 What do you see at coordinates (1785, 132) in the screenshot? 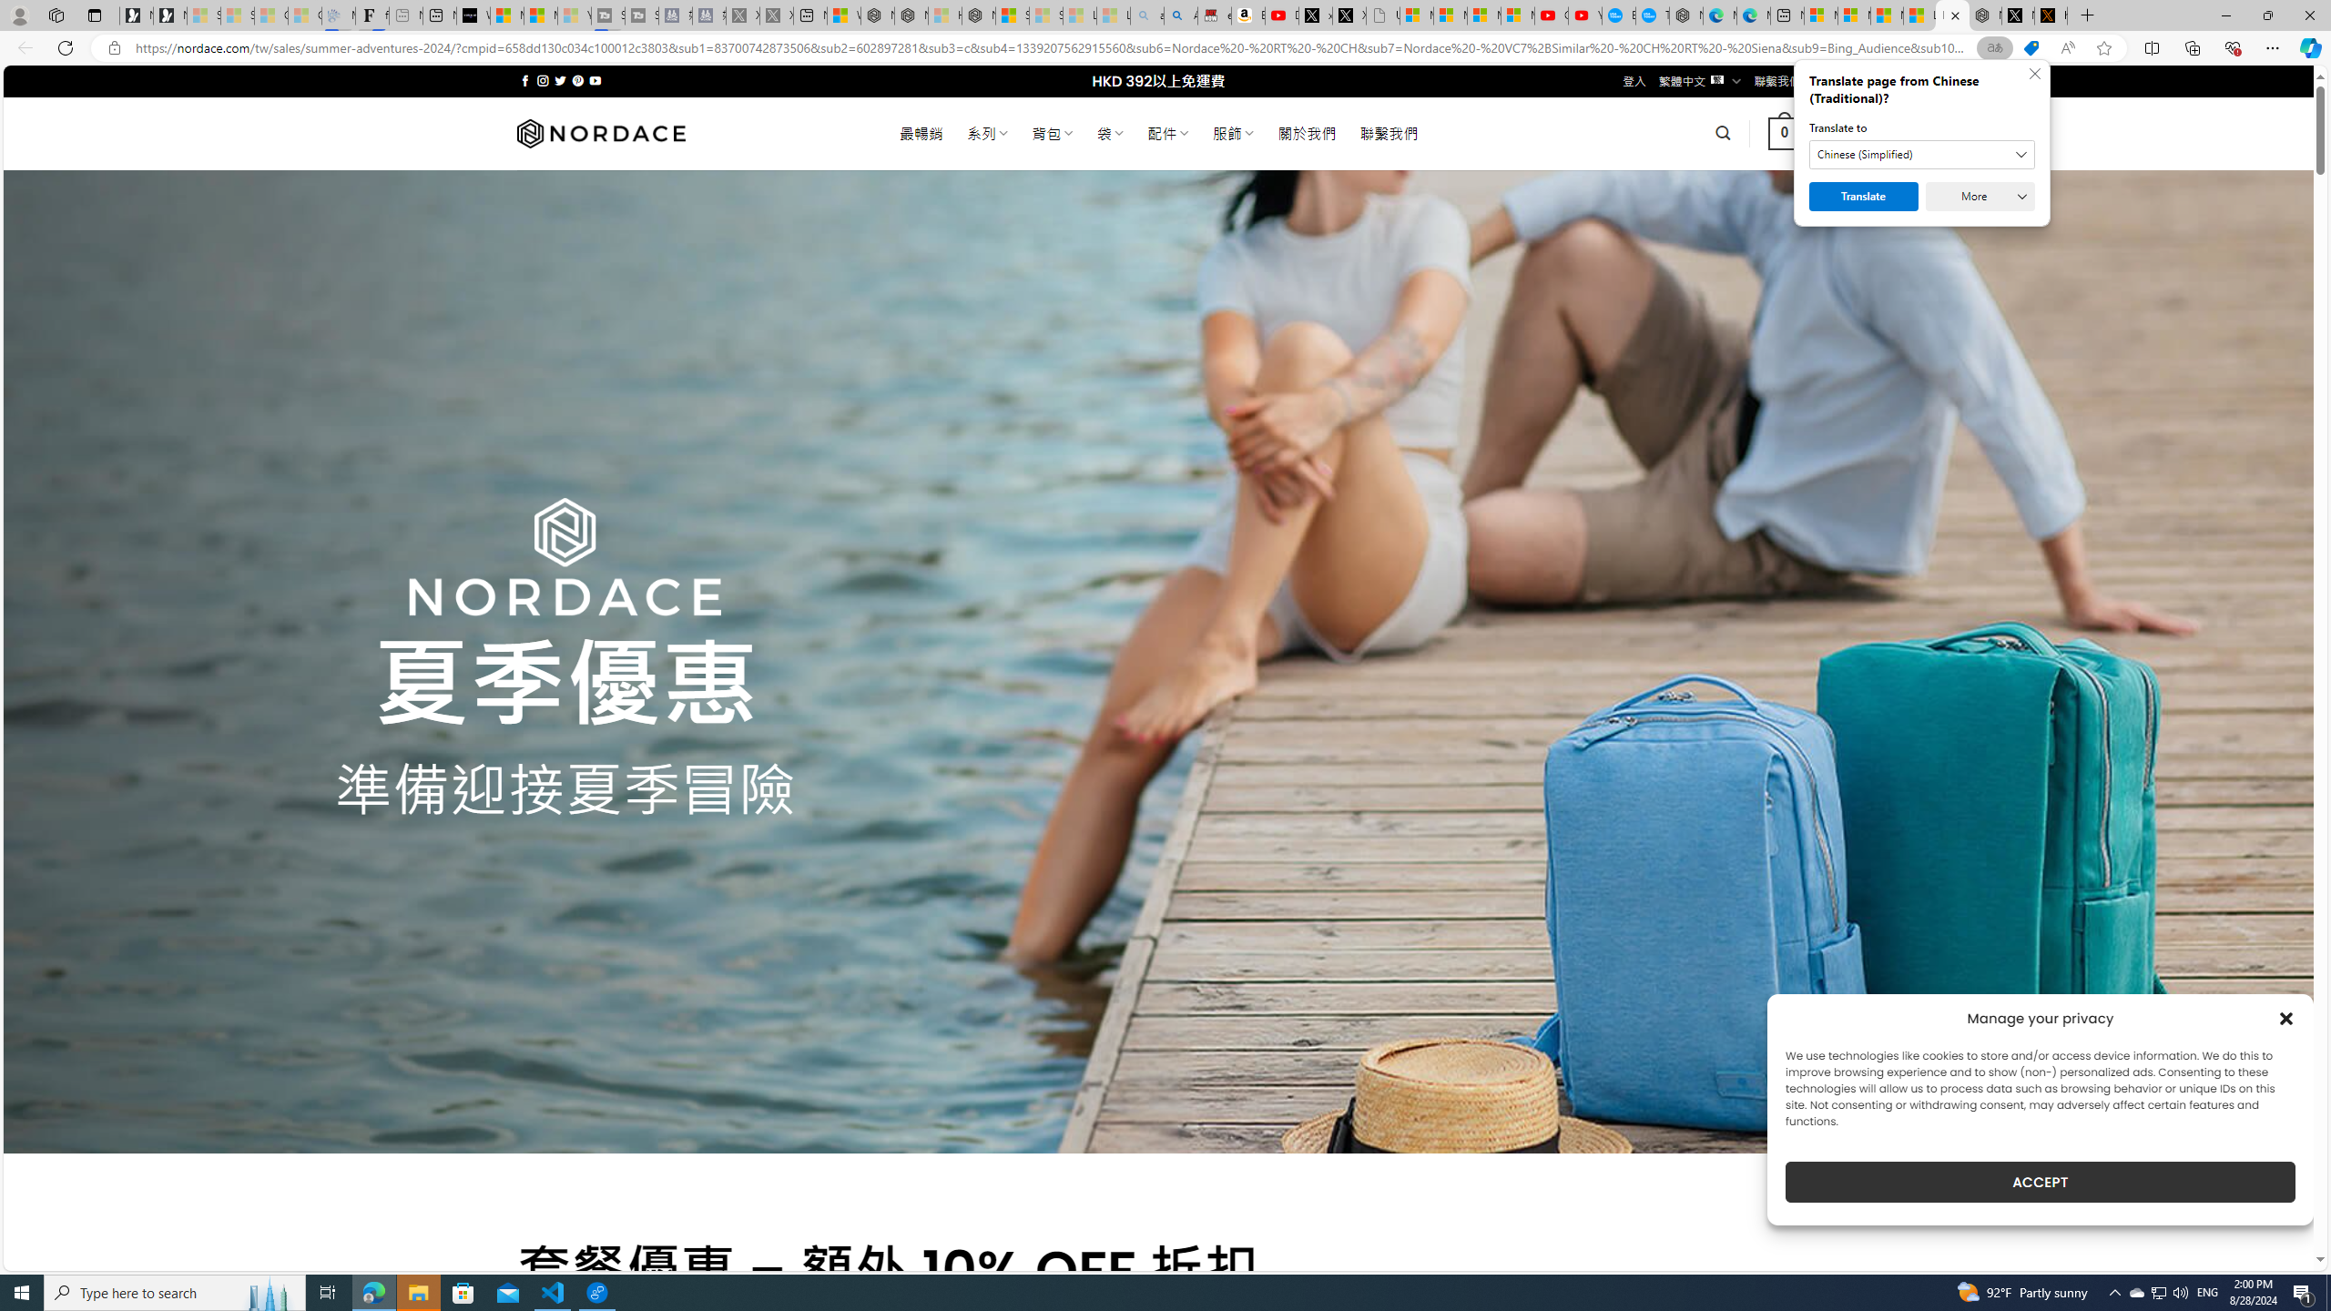
I see `'  0  '` at bounding box center [1785, 132].